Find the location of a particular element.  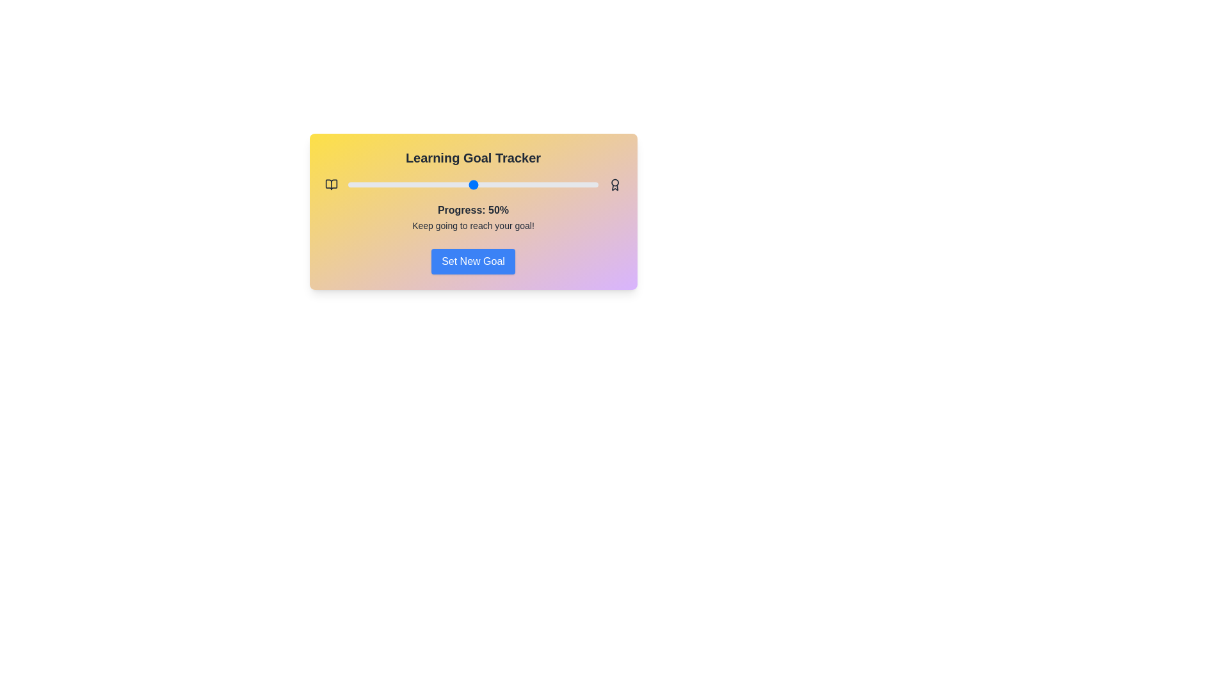

'Set New Goal' button is located at coordinates (472, 260).